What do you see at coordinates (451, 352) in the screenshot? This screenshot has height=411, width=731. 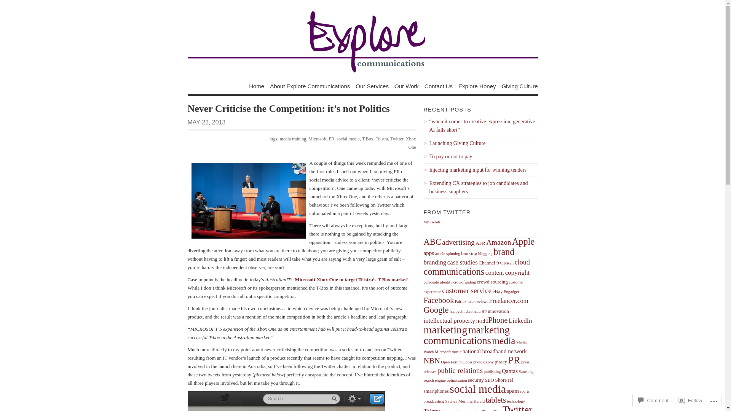 I see `'music'` at bounding box center [451, 352].